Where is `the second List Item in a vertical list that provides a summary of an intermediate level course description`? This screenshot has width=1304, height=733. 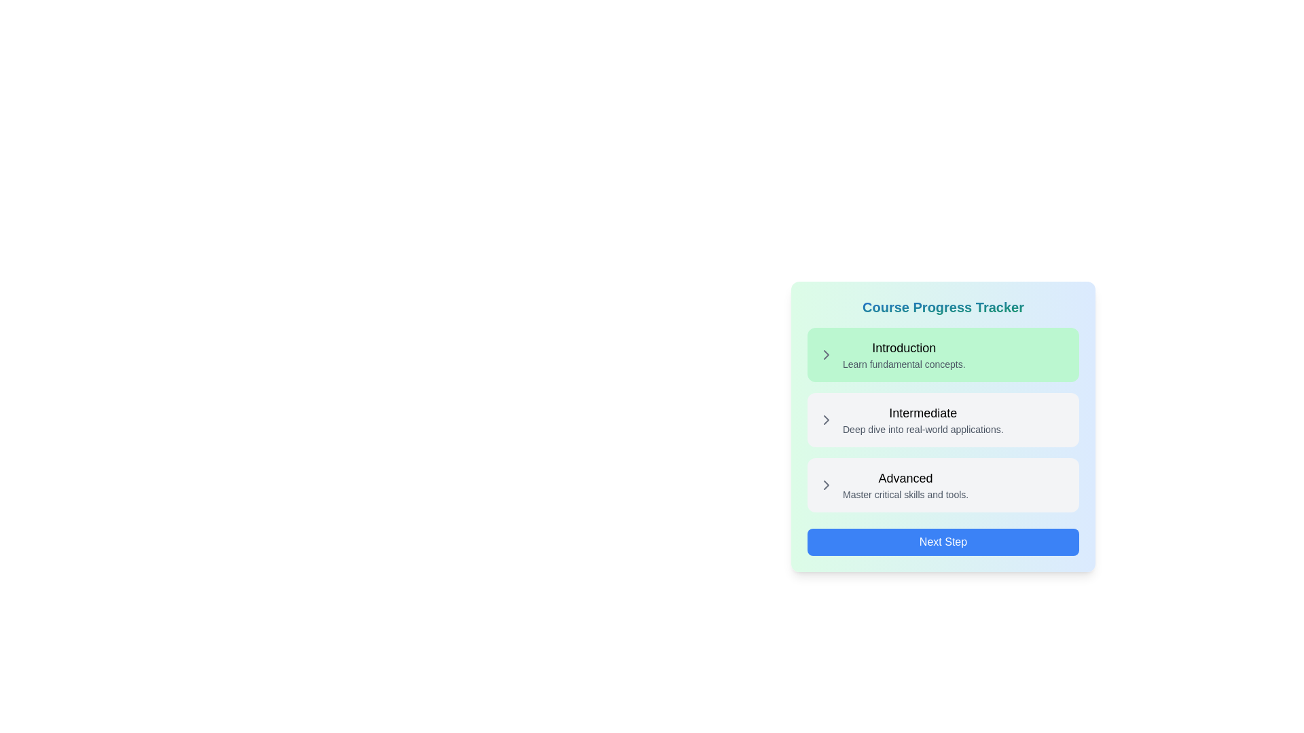 the second List Item in a vertical list that provides a summary of an intermediate level course description is located at coordinates (942, 419).